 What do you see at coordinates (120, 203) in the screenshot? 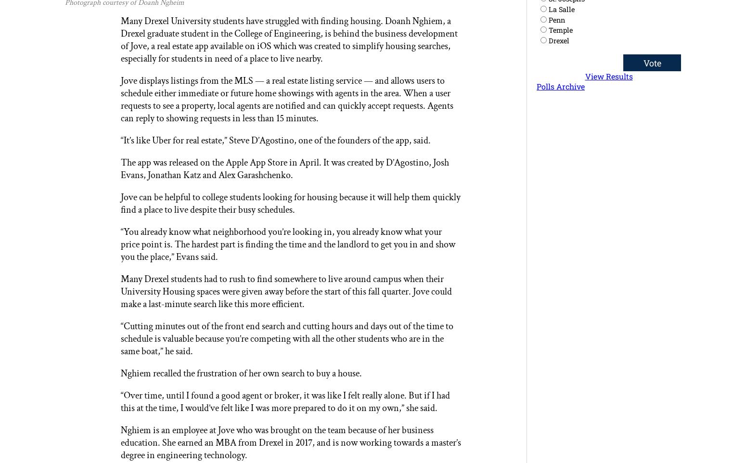
I see `'Jove can be helpful to college students looking for housing because it will help them quickly find a place to live despite their busy schedules.'` at bounding box center [120, 203].